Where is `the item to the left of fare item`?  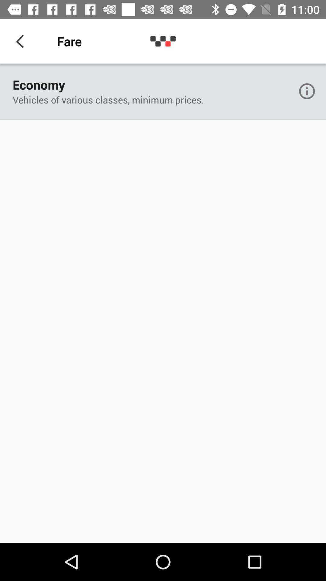
the item to the left of fare item is located at coordinates (22, 41).